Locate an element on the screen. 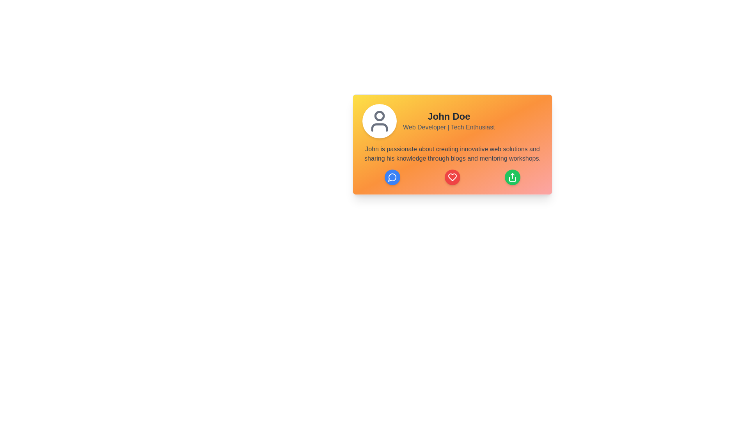  the first button in a row of three buttons, located below the user profile card is located at coordinates (392, 177).